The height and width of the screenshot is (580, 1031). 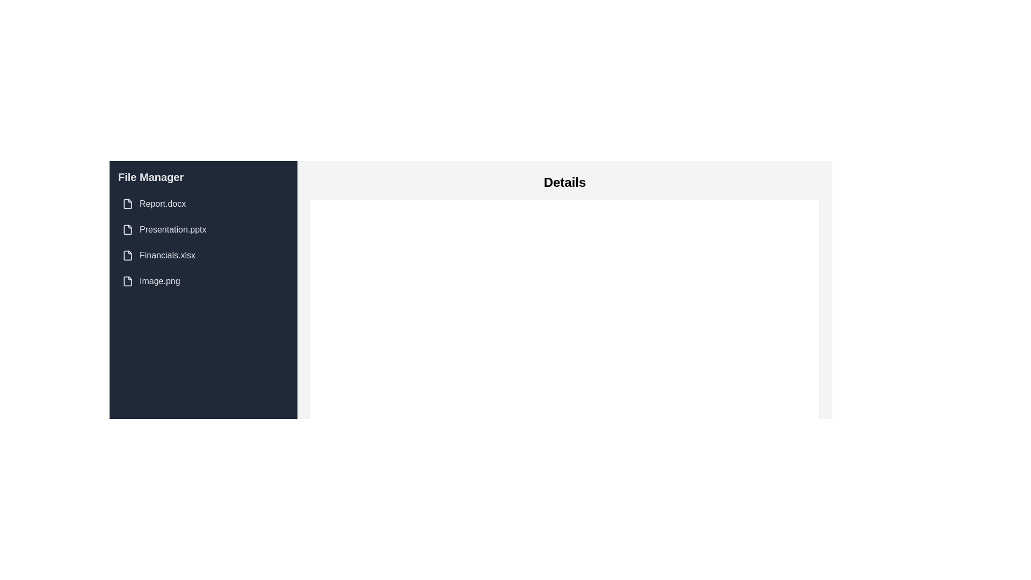 I want to click on the icon representing the 'Image.png' file object located in the fourth list item of the left sidebar navigation, so click(x=128, y=281).